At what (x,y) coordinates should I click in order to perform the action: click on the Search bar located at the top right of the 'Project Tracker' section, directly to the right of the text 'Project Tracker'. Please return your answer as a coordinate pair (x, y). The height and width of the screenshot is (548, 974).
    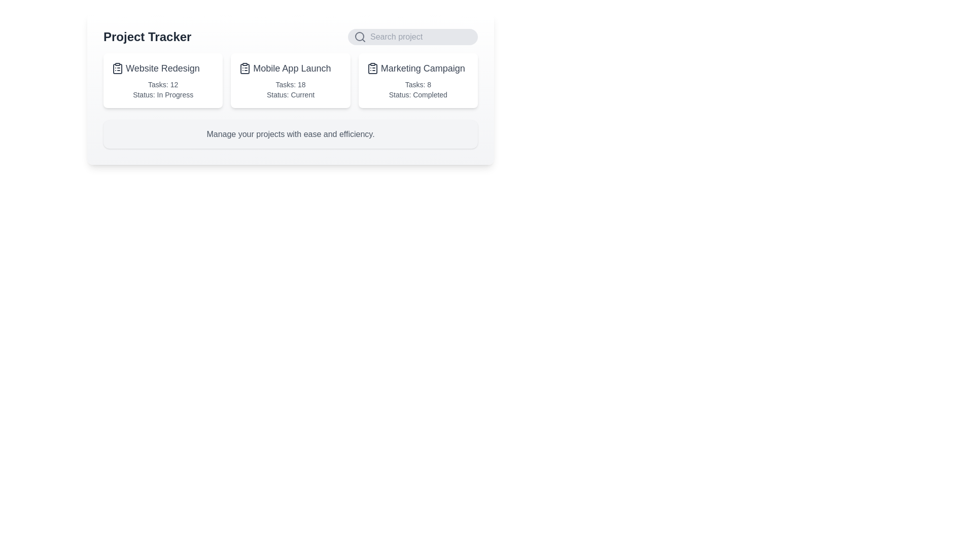
    Looking at the image, I should click on (413, 37).